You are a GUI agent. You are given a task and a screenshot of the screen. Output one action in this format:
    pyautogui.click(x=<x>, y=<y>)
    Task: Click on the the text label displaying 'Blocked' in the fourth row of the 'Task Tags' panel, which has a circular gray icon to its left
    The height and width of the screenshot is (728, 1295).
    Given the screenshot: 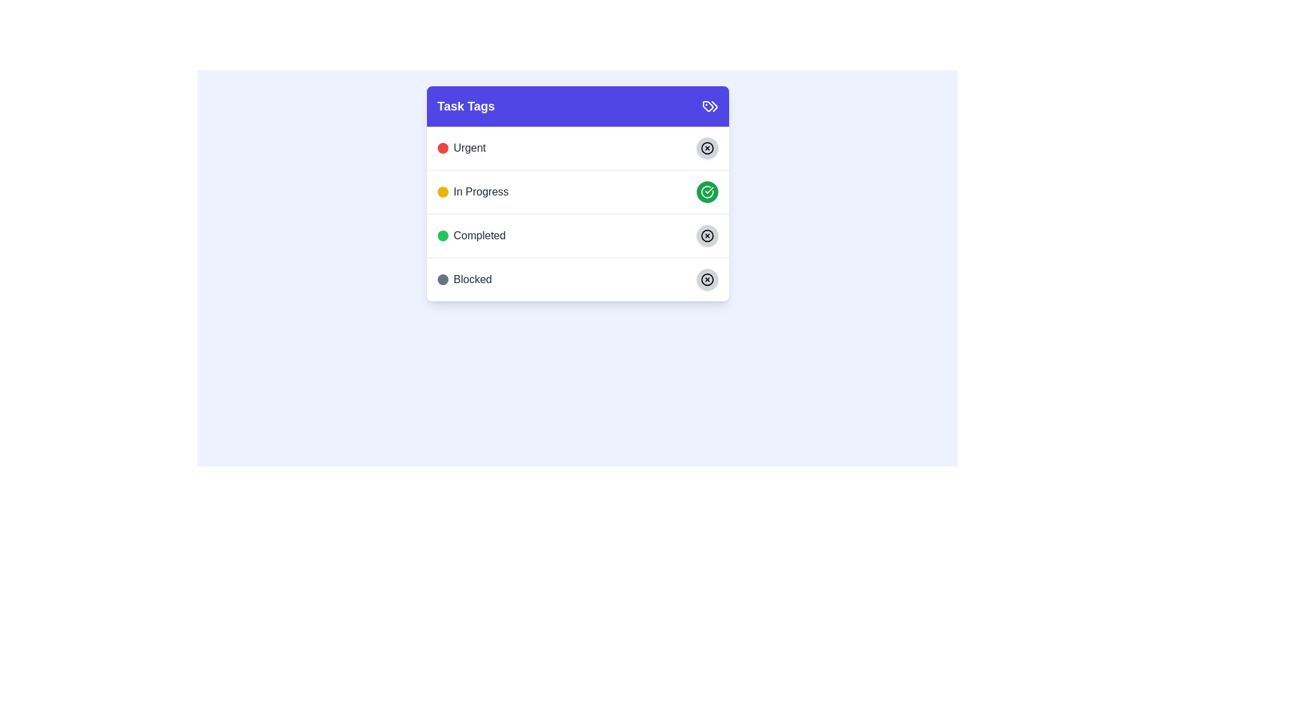 What is the action you would take?
    pyautogui.click(x=472, y=279)
    